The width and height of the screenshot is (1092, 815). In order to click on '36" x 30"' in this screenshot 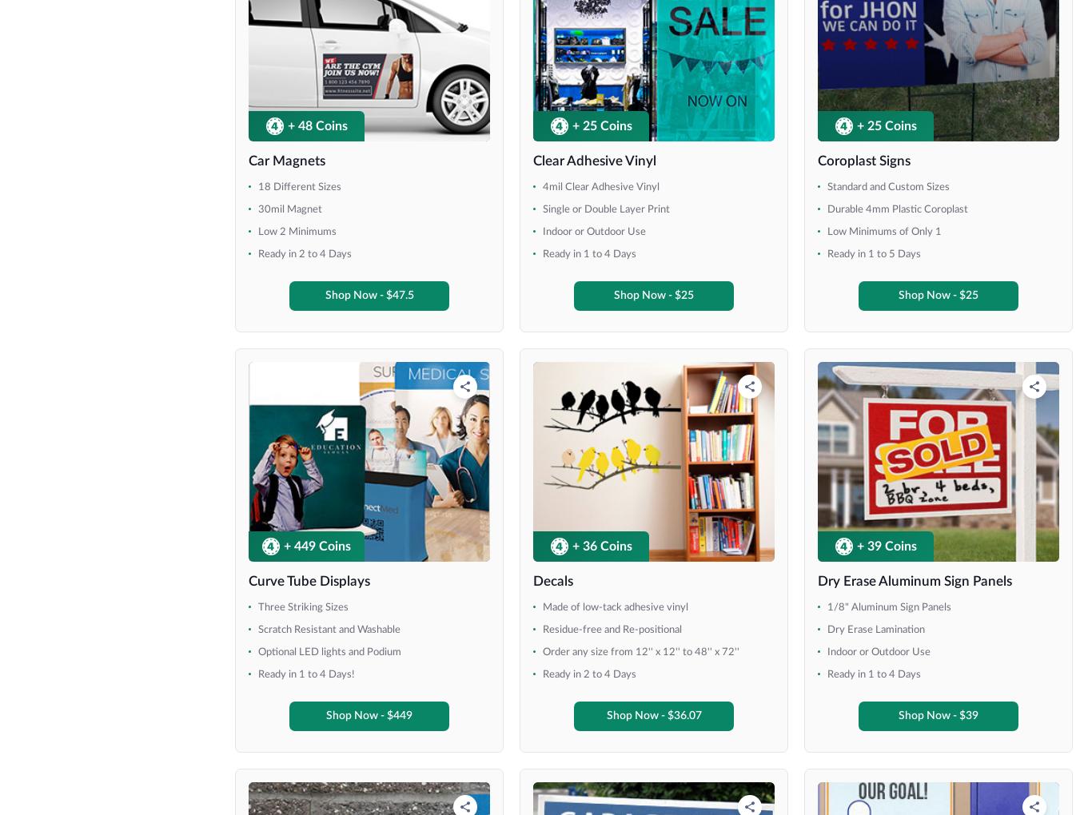, I will do `click(66, 805)`.